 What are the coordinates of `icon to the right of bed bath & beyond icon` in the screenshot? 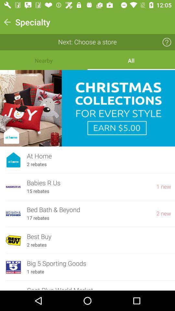 It's located at (163, 213).